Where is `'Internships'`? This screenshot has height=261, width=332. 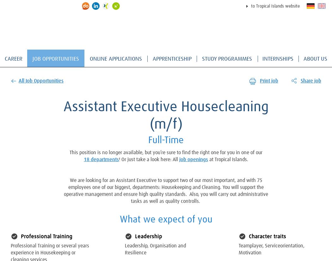
'Internships' is located at coordinates (277, 59).